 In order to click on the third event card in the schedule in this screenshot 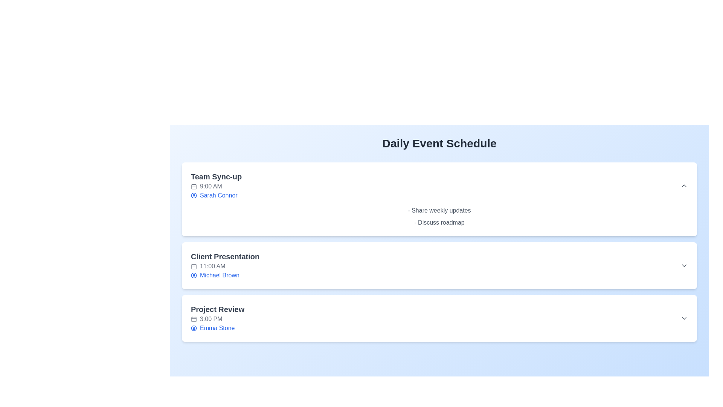, I will do `click(439, 318)`.